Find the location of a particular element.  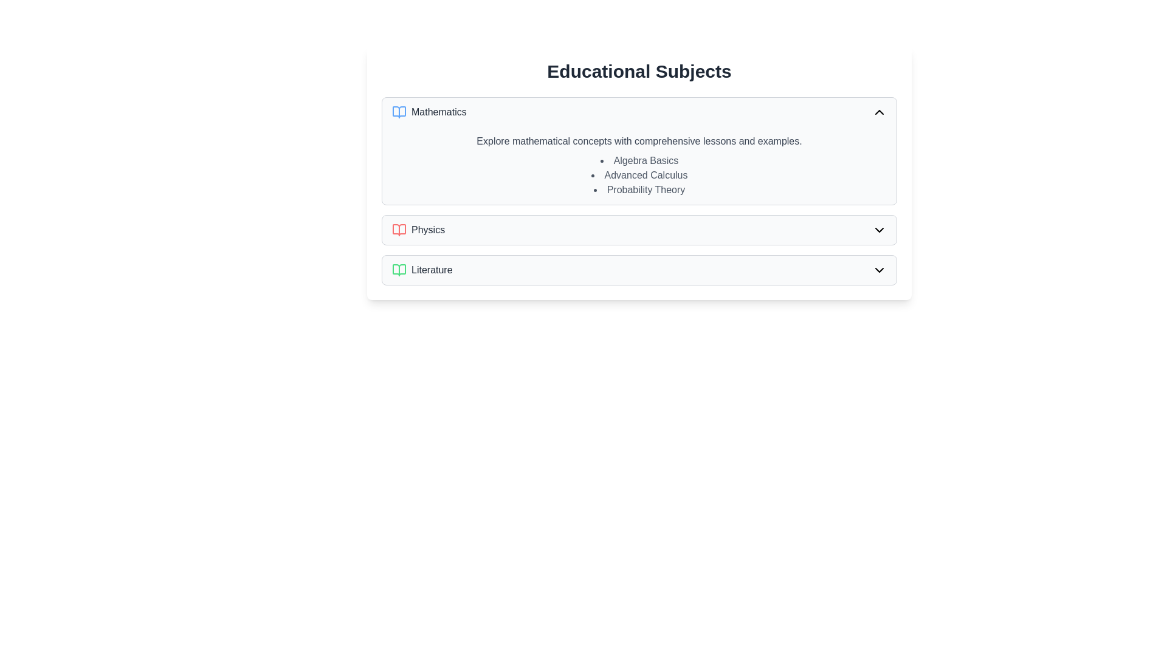

the Literature icon located to the left of the 'Literature' text in the Educational Subjects category is located at coordinates (399, 269).